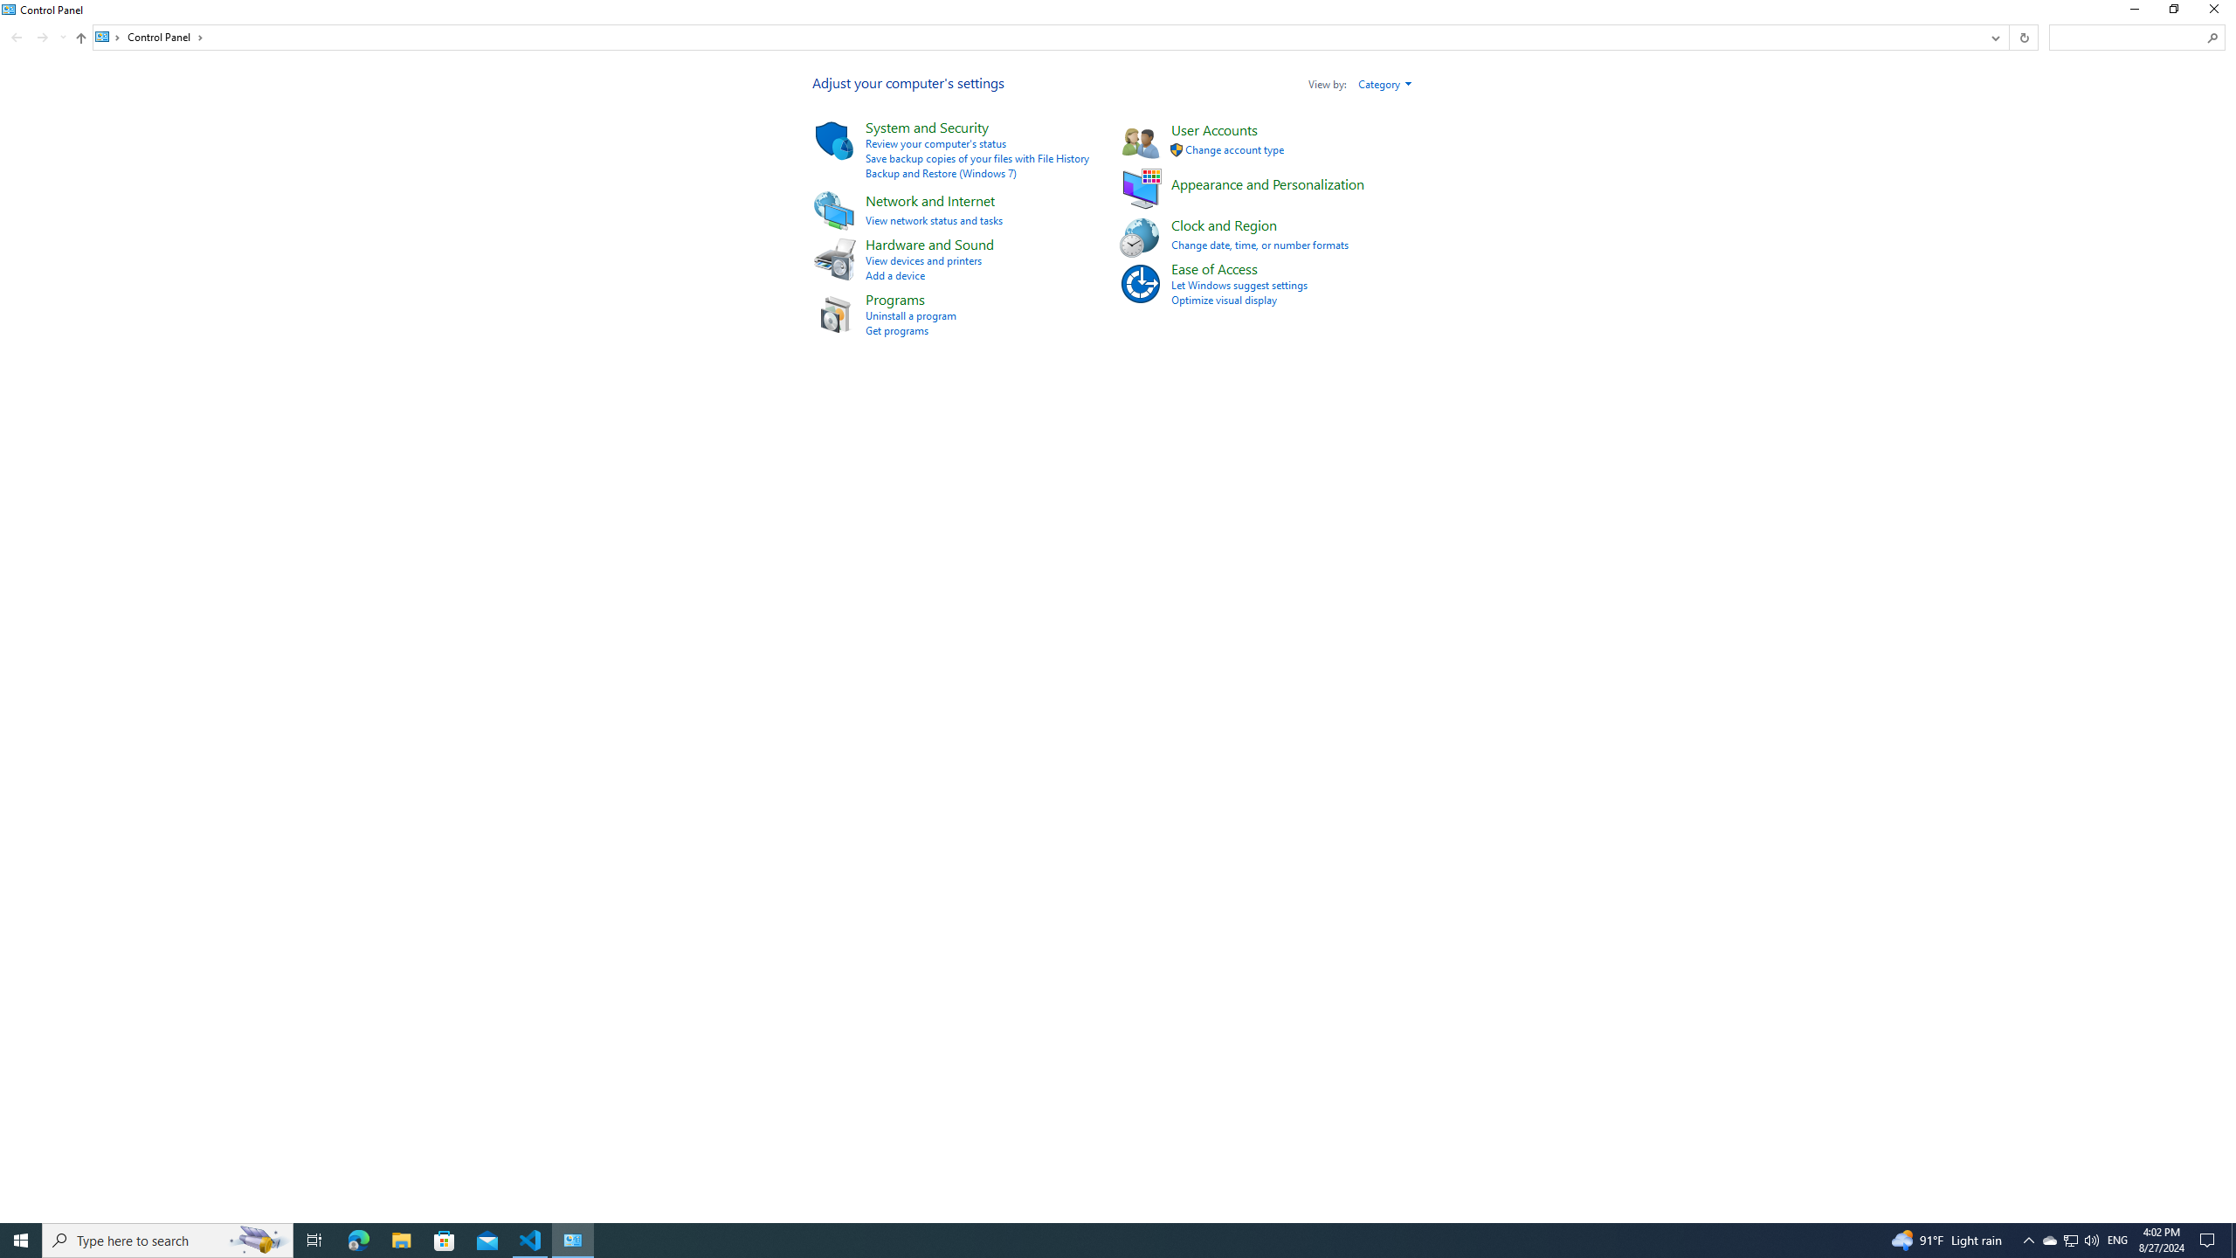  I want to click on 'Up to "Desktop" (Alt + Up Arrow)', so click(81, 37).